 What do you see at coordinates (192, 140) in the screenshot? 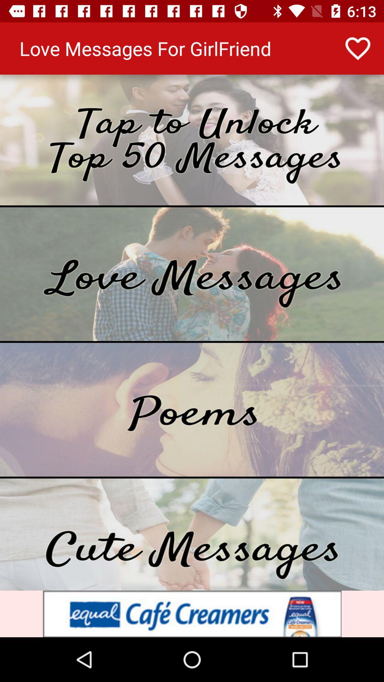
I see `tap unlock top 50 messages button` at bounding box center [192, 140].